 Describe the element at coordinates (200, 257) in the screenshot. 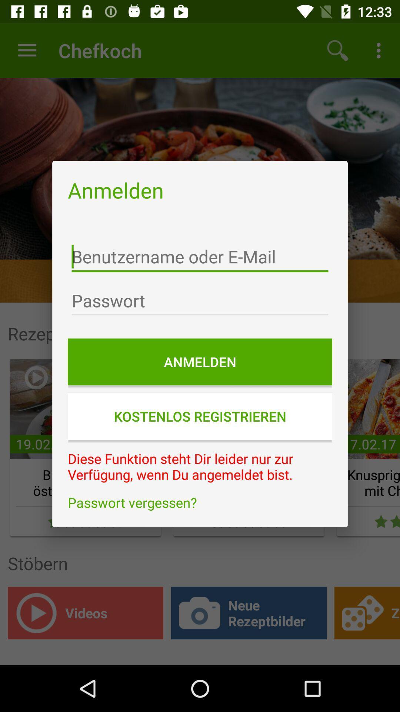

I see `the item below the anmelden icon` at that location.